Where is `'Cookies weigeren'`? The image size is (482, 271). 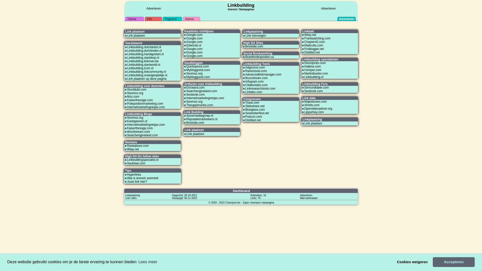
'Cookies weigeren' is located at coordinates (412, 262).